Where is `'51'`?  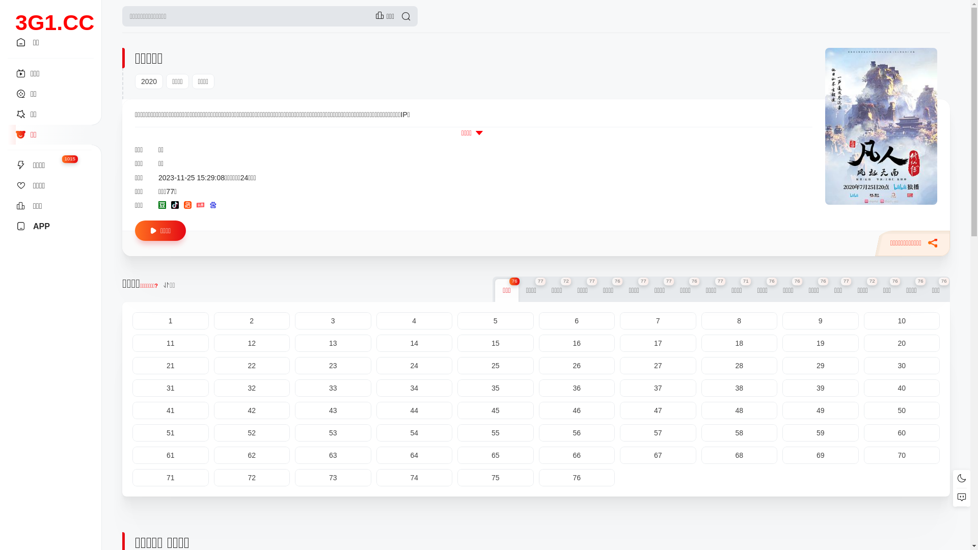 '51' is located at coordinates (131, 432).